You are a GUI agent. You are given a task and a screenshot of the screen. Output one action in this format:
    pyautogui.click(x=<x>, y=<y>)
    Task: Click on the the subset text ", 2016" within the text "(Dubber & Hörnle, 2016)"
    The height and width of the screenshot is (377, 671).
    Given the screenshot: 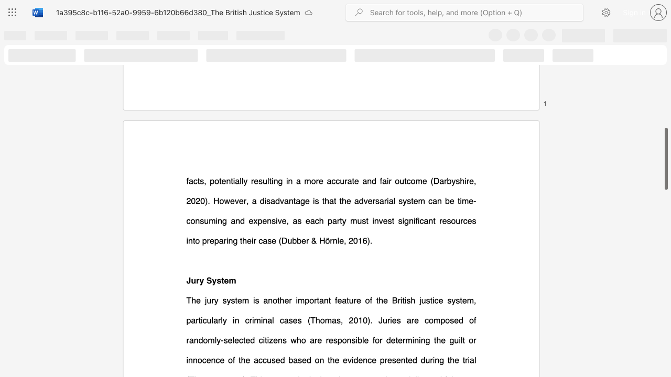 What is the action you would take?
    pyautogui.click(x=344, y=240)
    